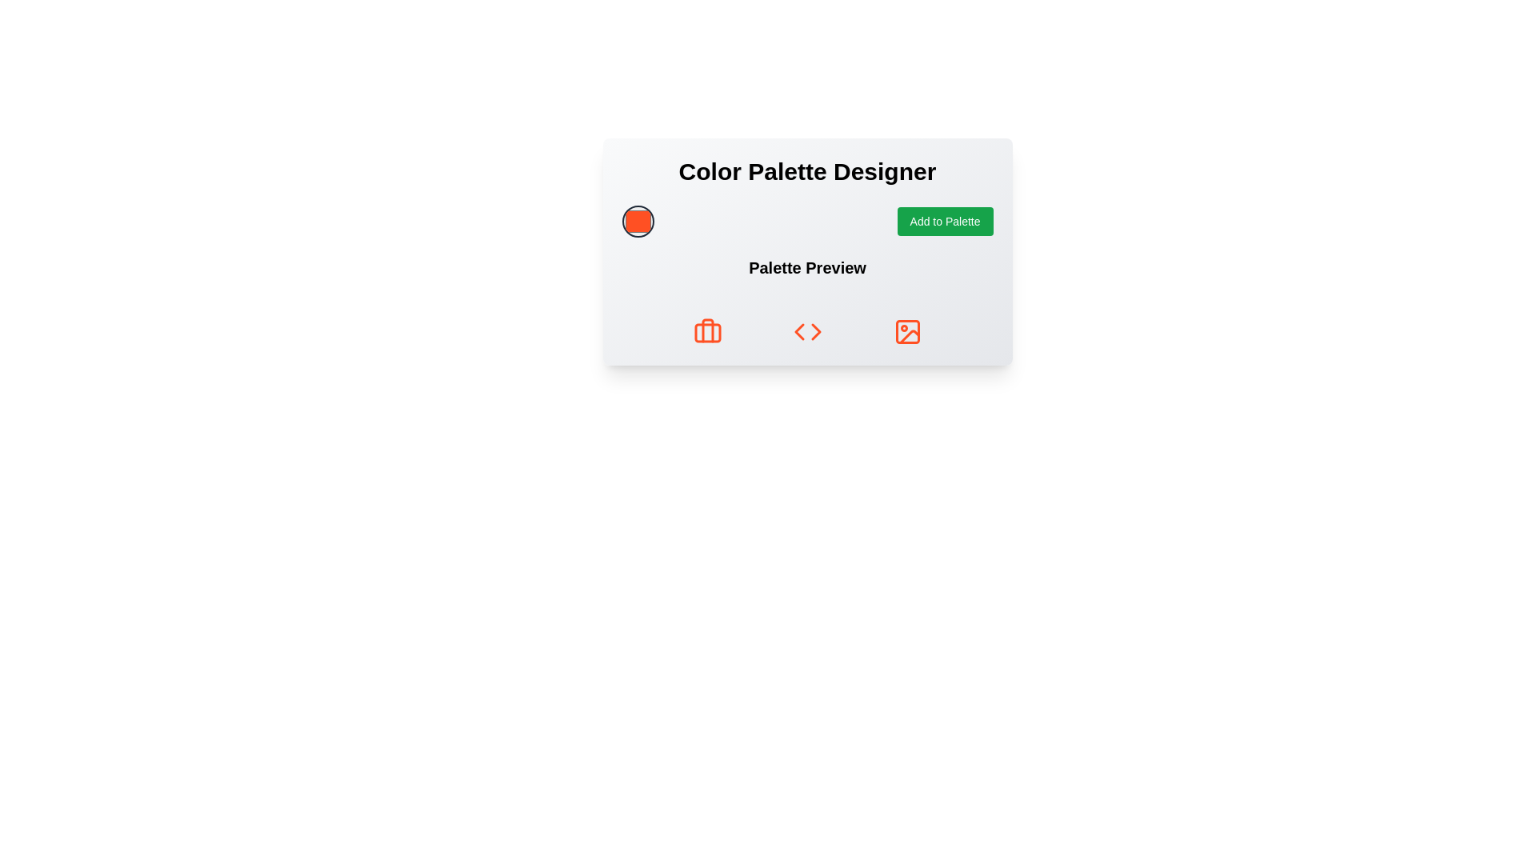 The width and height of the screenshot is (1536, 864). Describe the element at coordinates (807, 267) in the screenshot. I see `the text label indicating the section displaying the palette preview, which is centrally aligned below the 'Add to Palette' button and above the row of icon buttons` at that location.